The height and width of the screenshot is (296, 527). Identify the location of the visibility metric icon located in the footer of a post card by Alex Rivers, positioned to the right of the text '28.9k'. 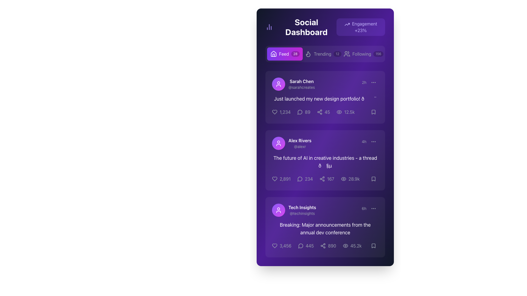
(343, 179).